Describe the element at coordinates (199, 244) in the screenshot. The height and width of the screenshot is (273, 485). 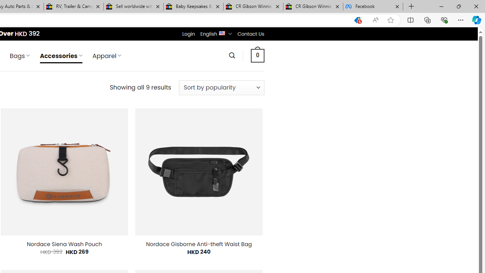
I see `'Nordace Gisborne Anti-theft Waist Bag'` at that location.